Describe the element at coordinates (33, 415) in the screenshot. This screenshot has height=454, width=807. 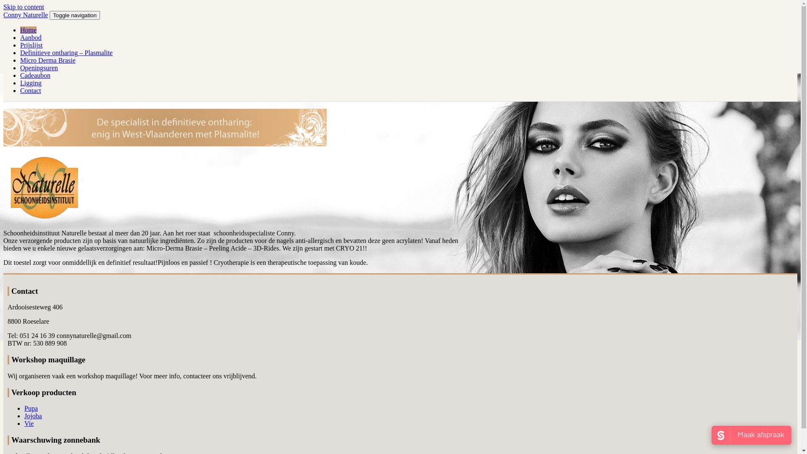
I see `'Jojoba'` at that location.